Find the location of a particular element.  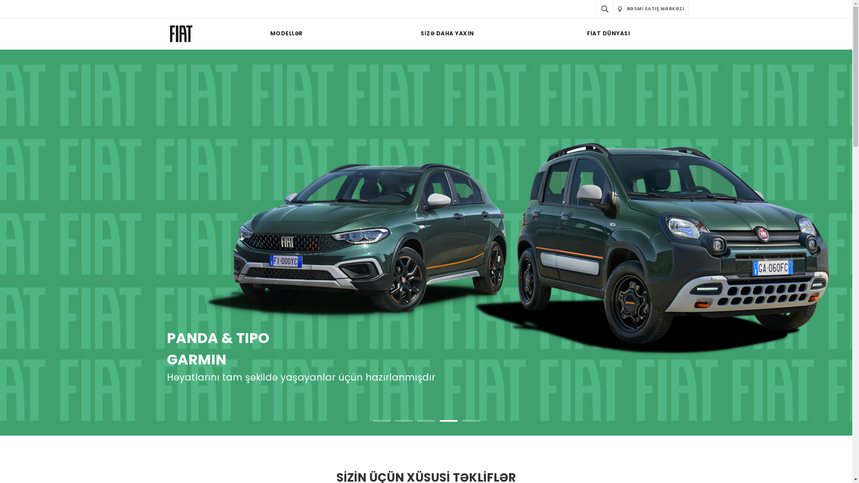

'2' is located at coordinates (394, 421).